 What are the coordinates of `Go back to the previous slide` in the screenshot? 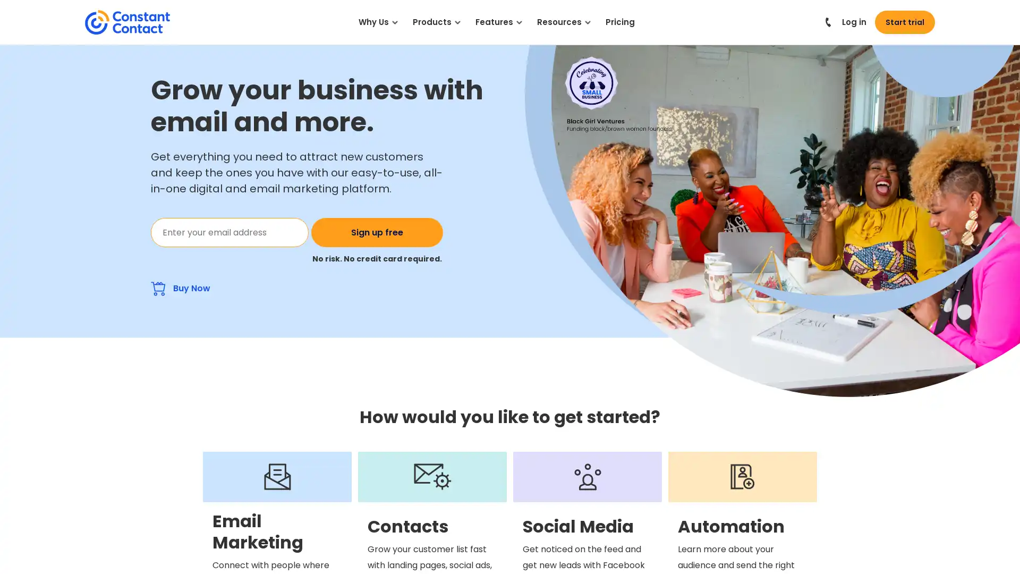 It's located at (586, 134).